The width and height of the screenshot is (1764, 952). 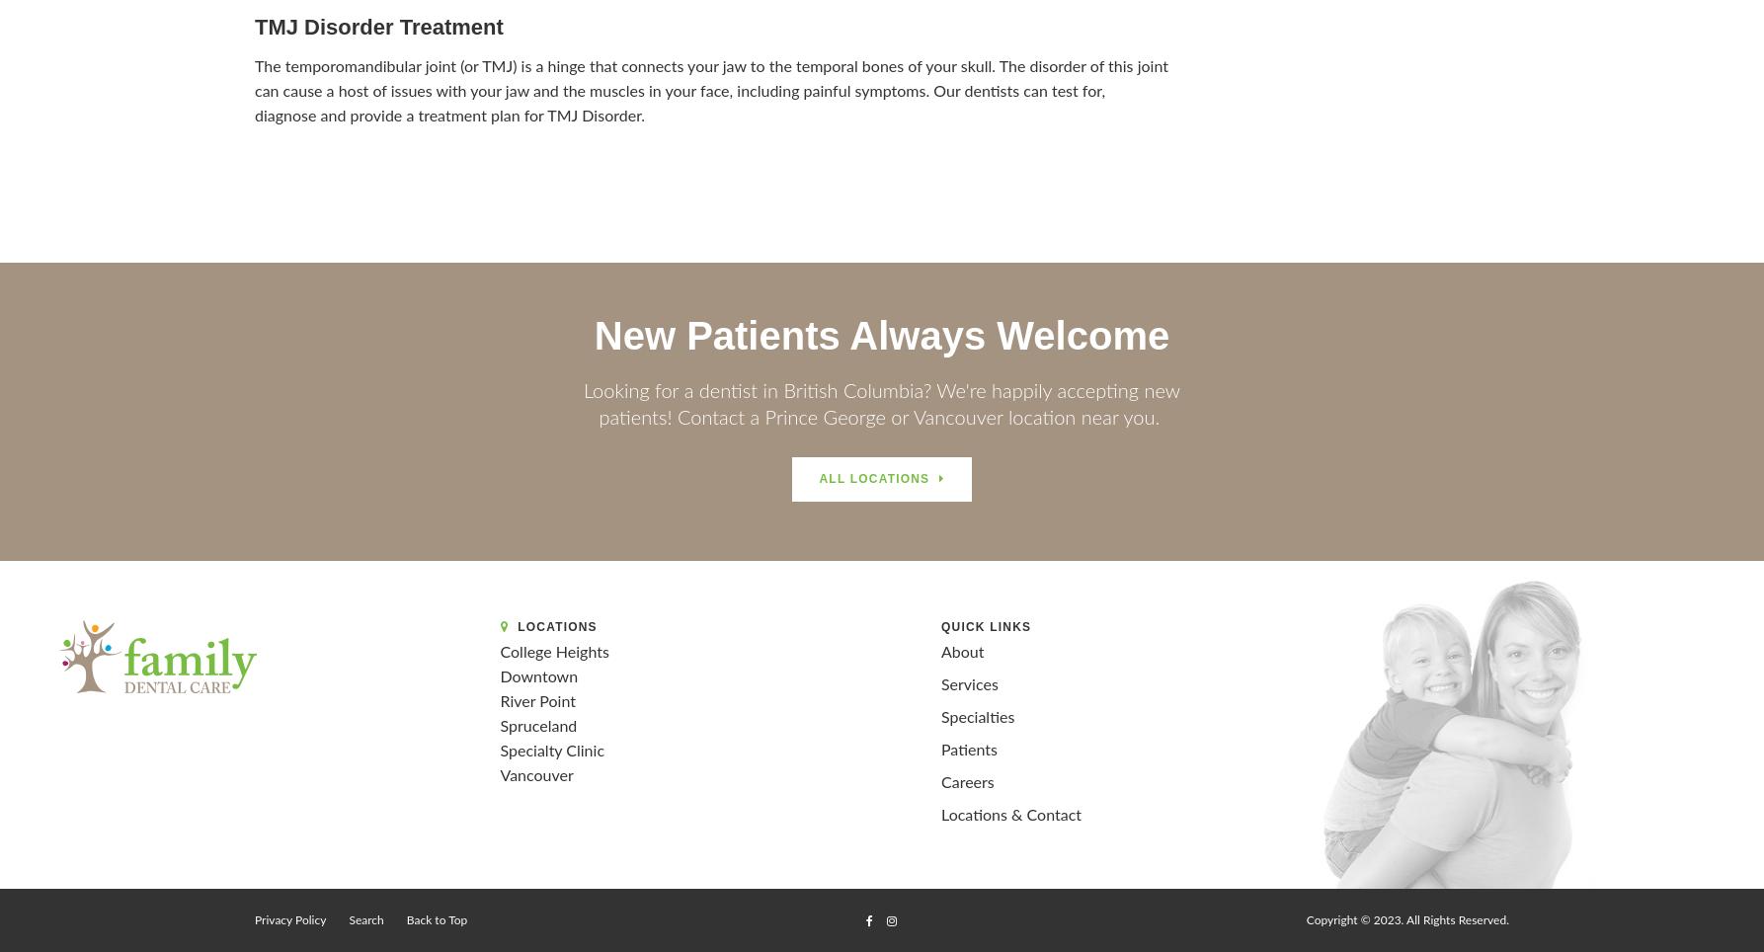 I want to click on 'TMJ Disorder Treatment', so click(x=378, y=25).